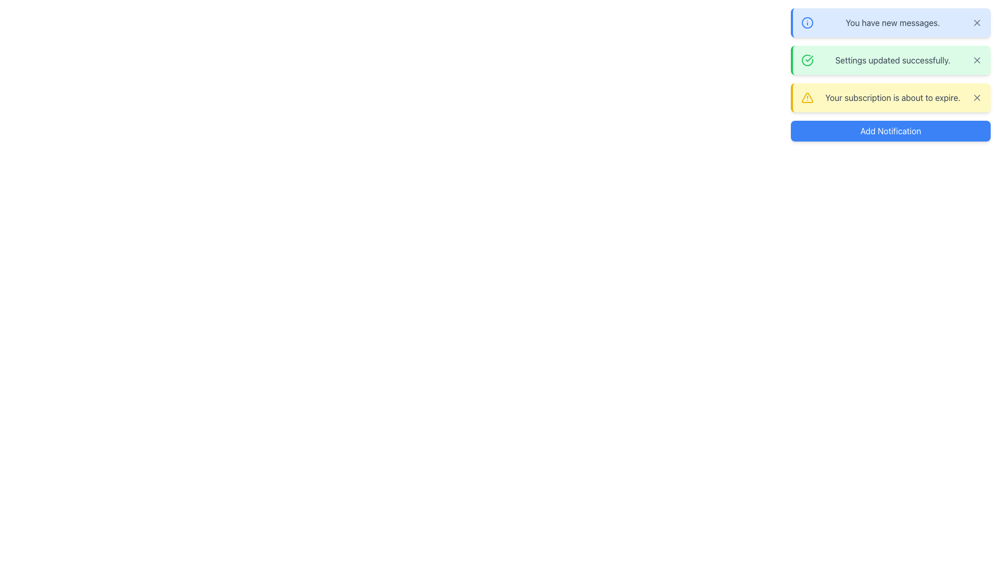 The height and width of the screenshot is (562, 999). What do you see at coordinates (890, 98) in the screenshot?
I see `the third notification card in the top-right corner that alerts the user about their subscription status approaching expiration` at bounding box center [890, 98].